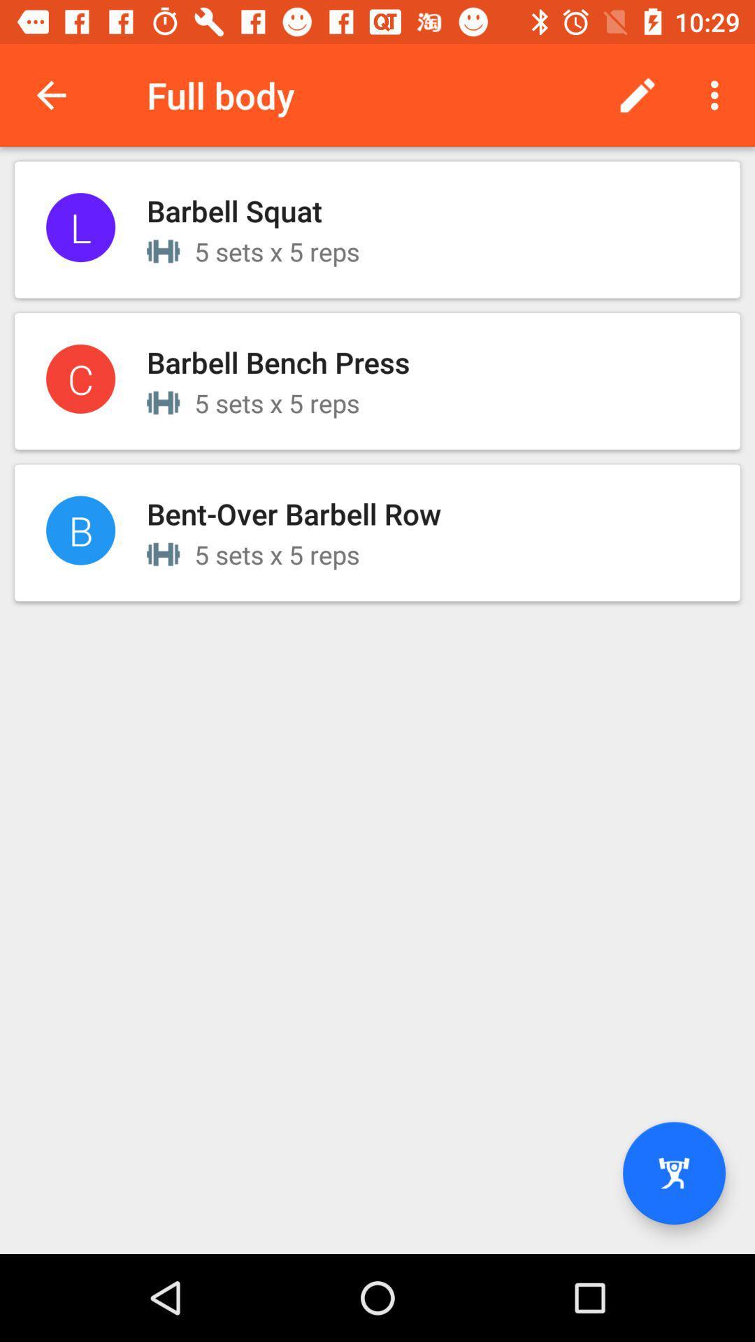  Describe the element at coordinates (637, 94) in the screenshot. I see `item next to the full body item` at that location.